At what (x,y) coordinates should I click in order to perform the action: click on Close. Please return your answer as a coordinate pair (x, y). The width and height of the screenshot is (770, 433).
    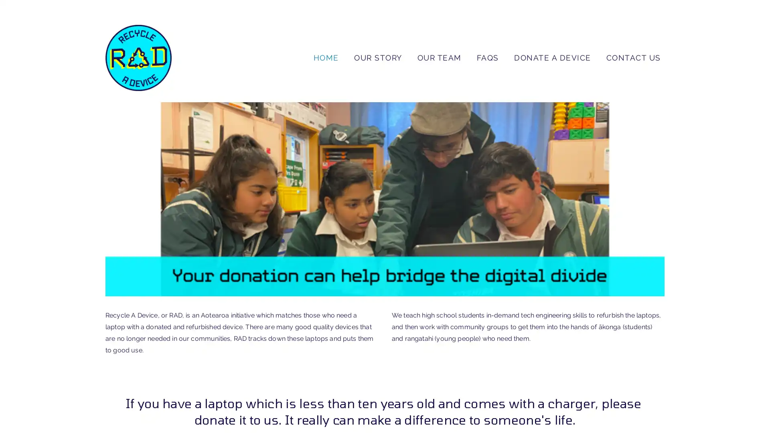
    Looking at the image, I should click on (499, 139).